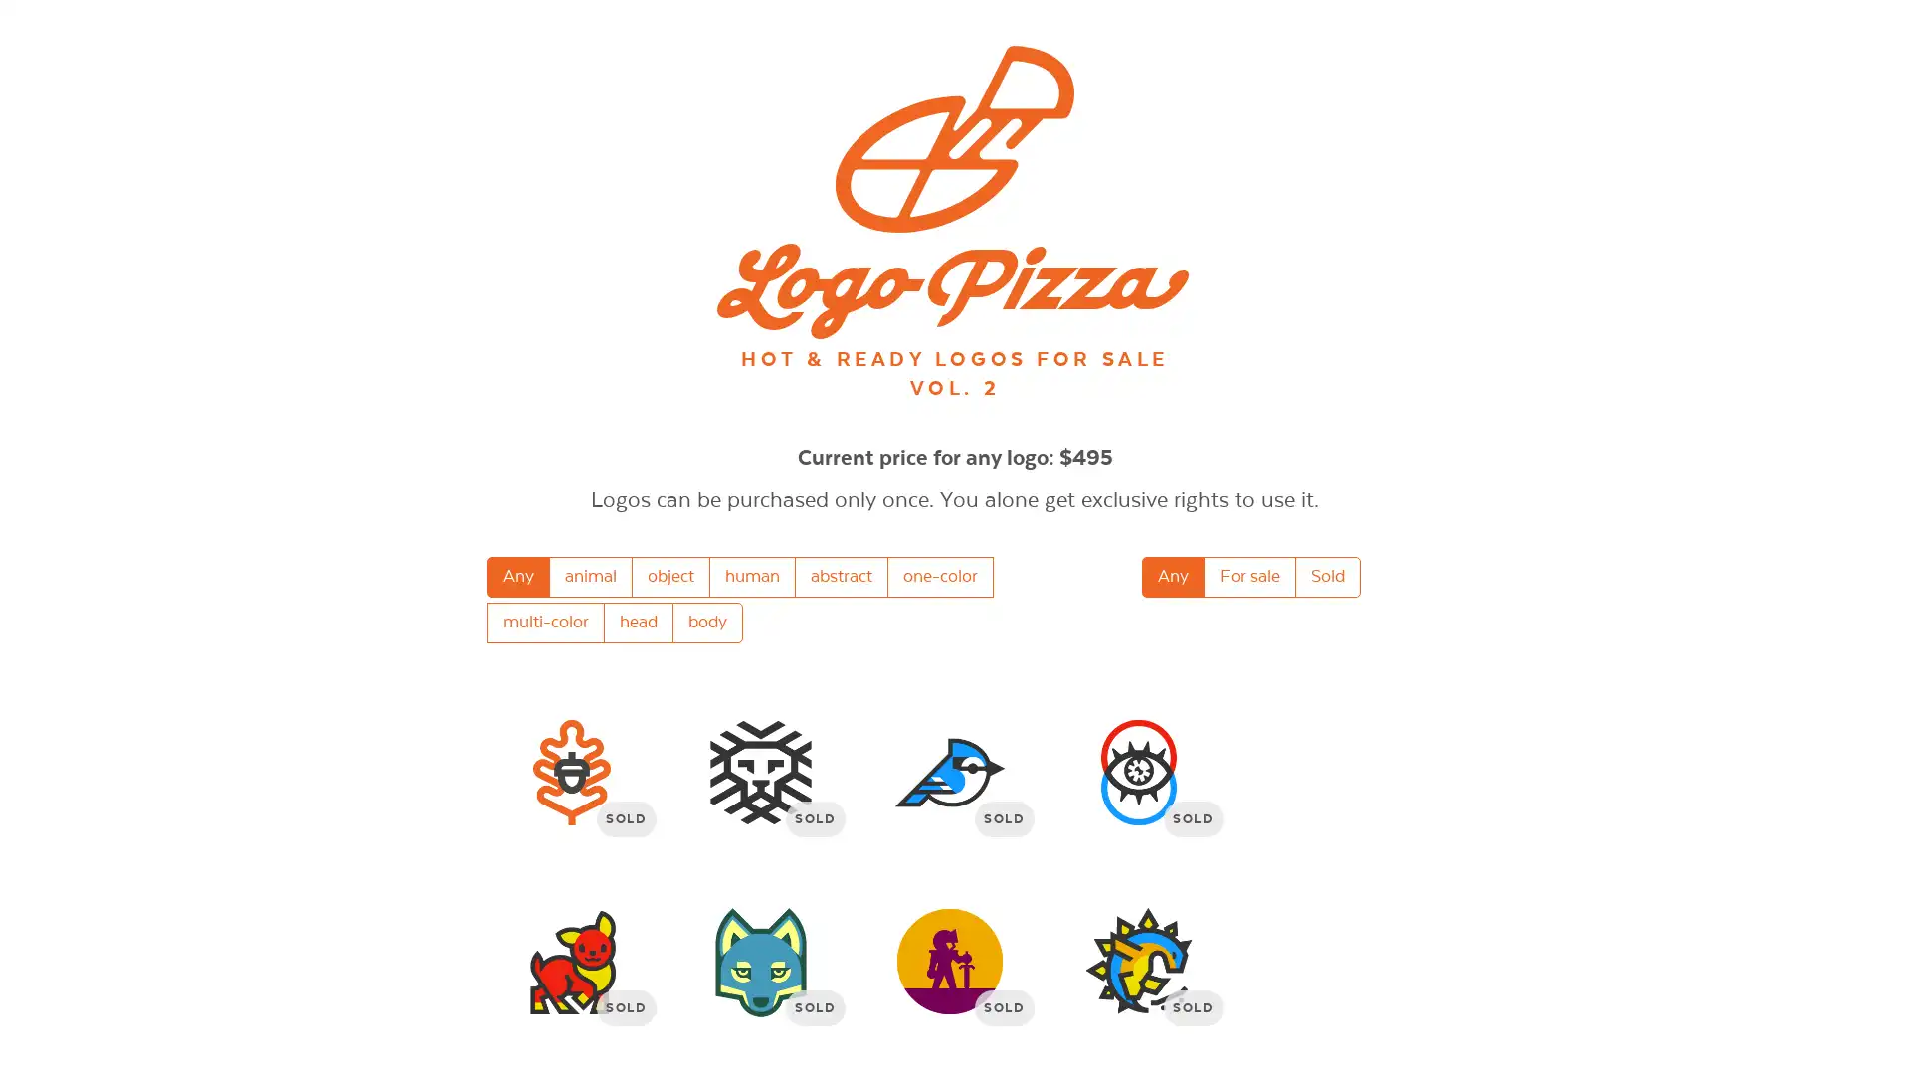  What do you see at coordinates (670, 577) in the screenshot?
I see `object` at bounding box center [670, 577].